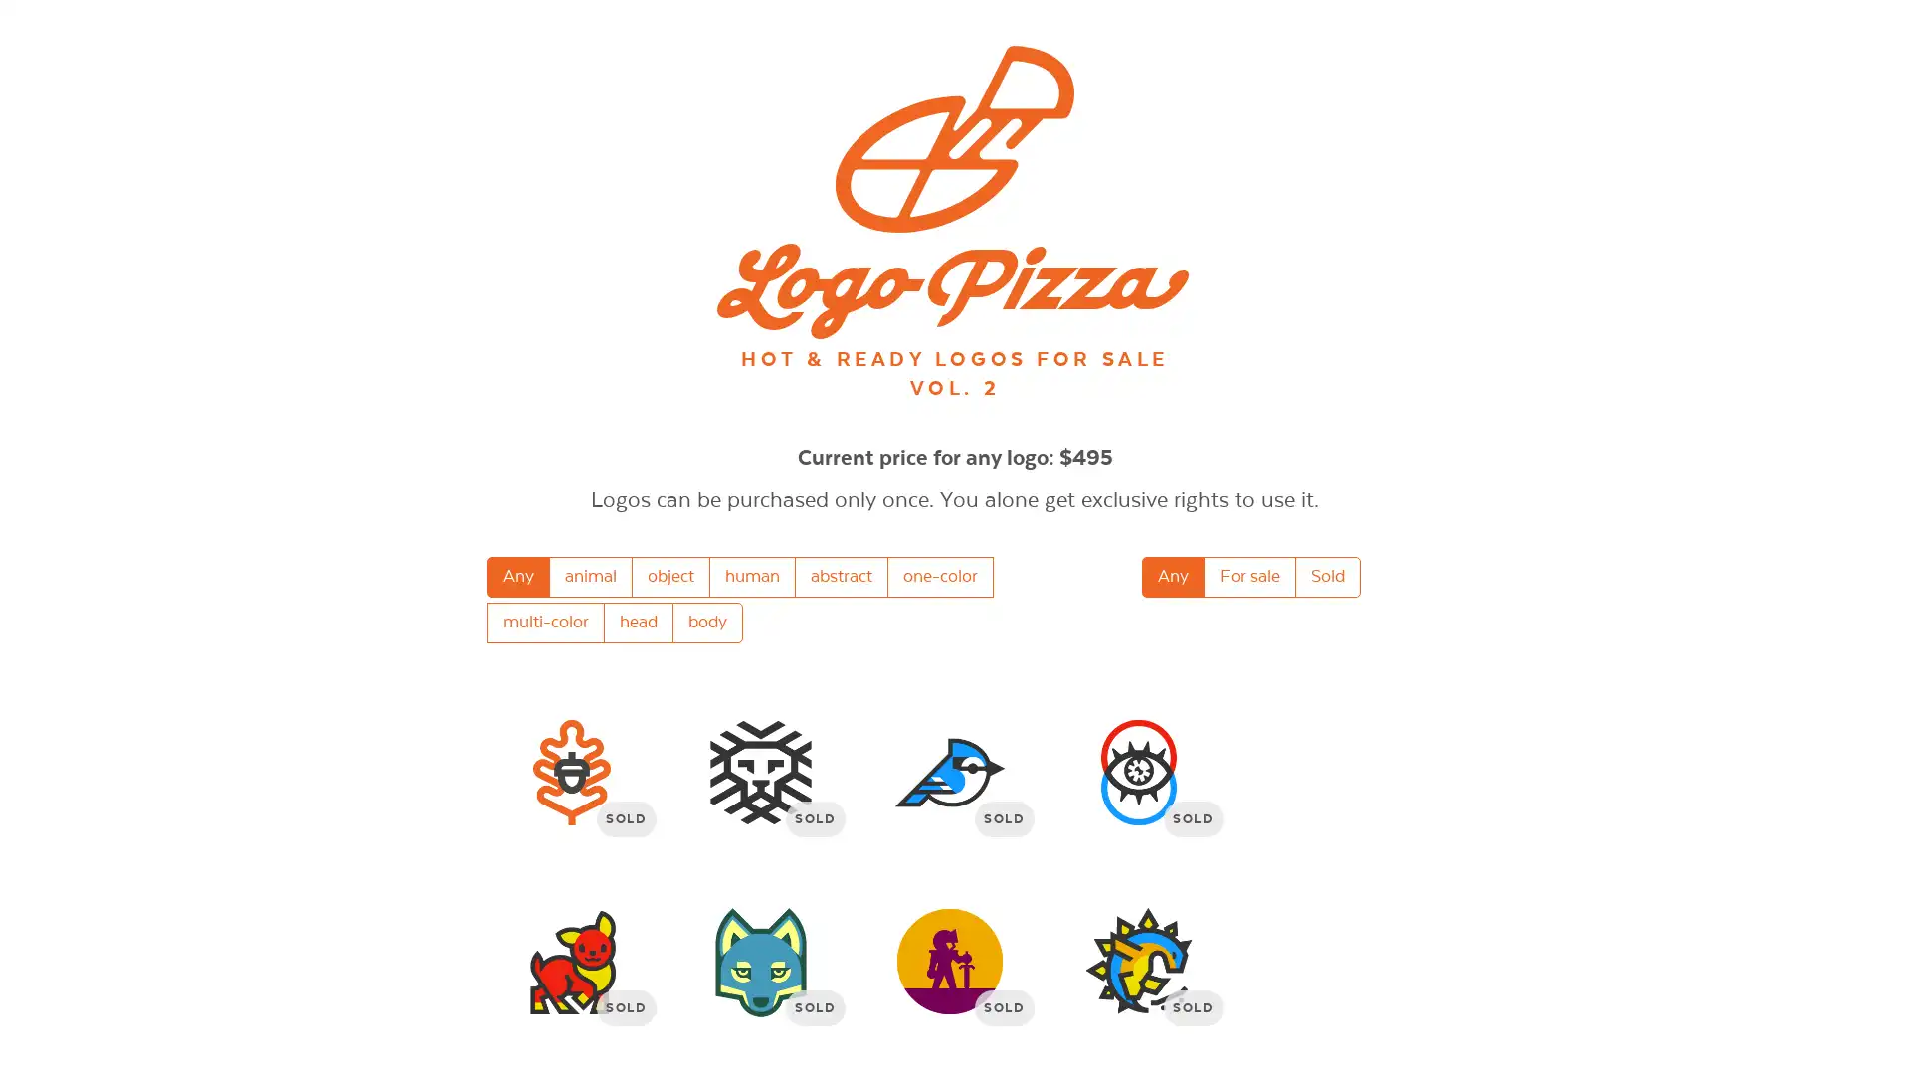  What do you see at coordinates (670, 577) in the screenshot?
I see `object` at bounding box center [670, 577].